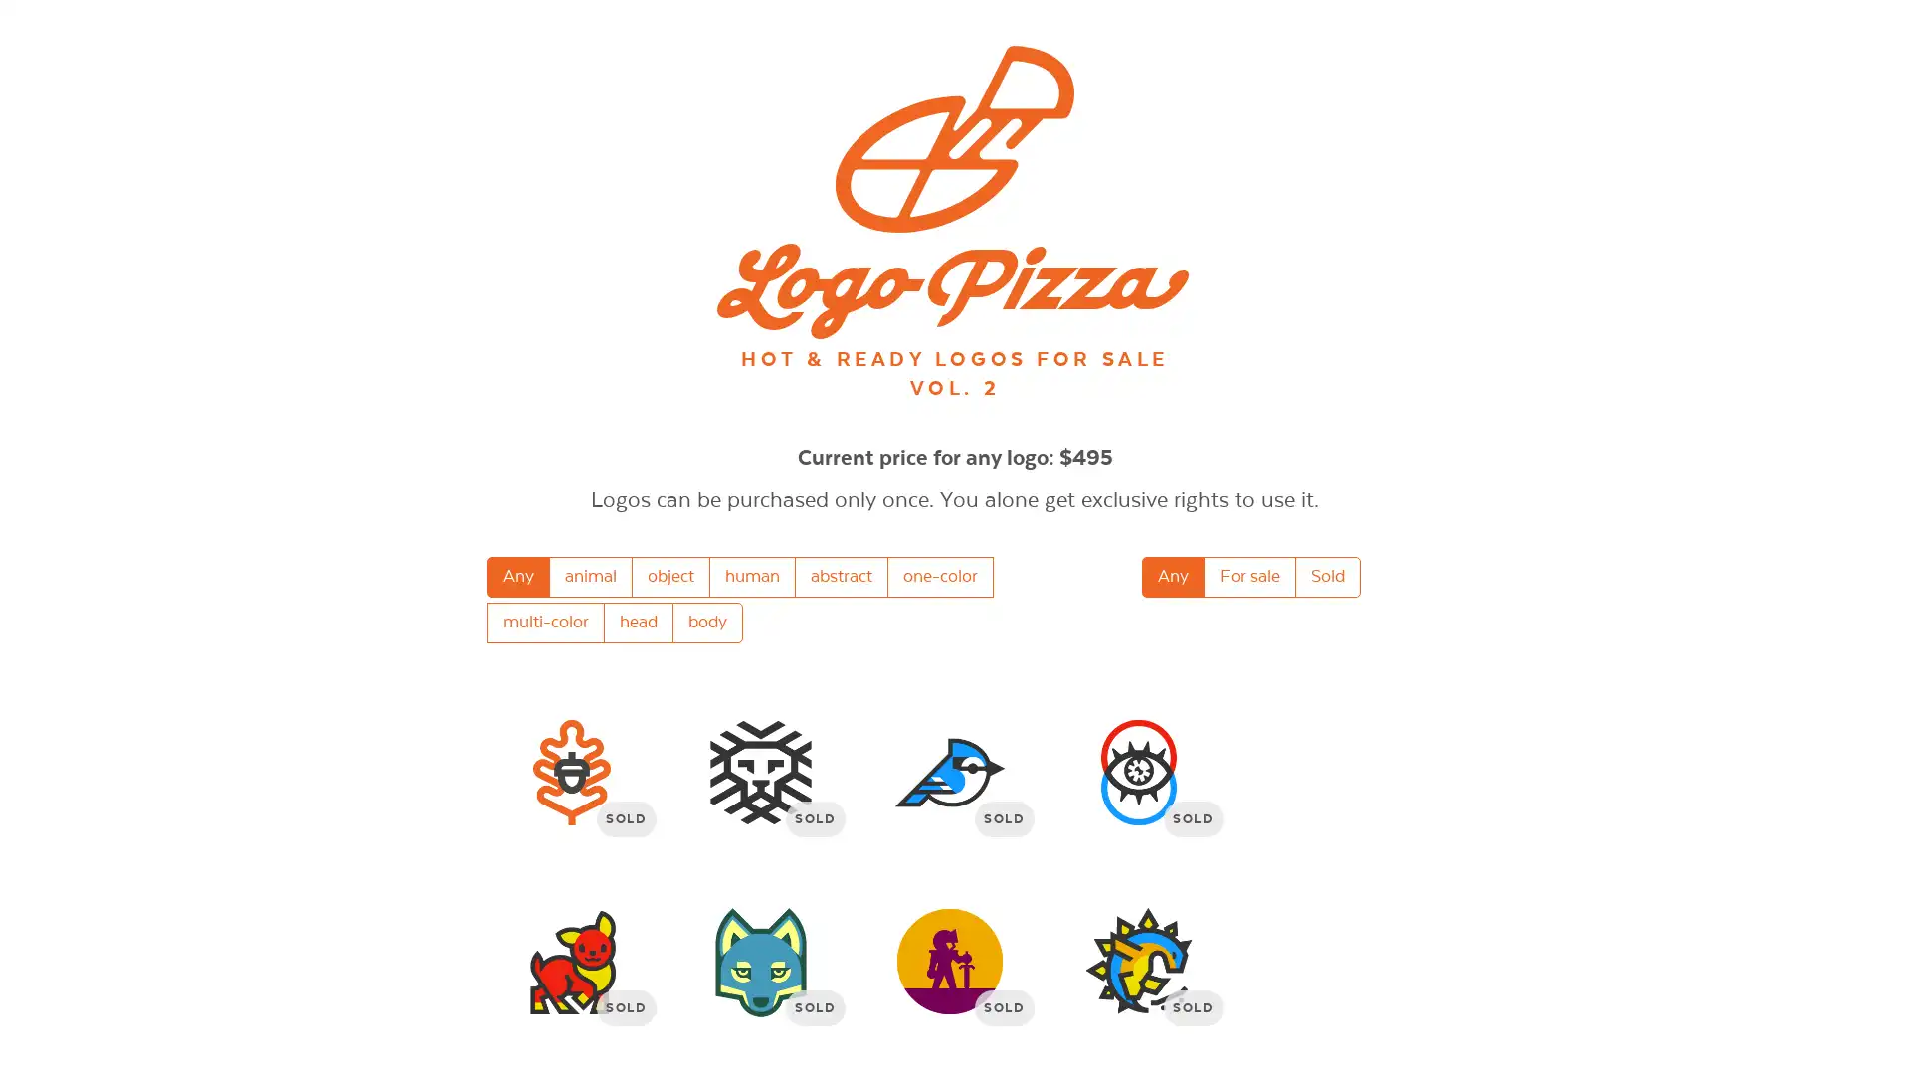  What do you see at coordinates (670, 577) in the screenshot?
I see `object` at bounding box center [670, 577].